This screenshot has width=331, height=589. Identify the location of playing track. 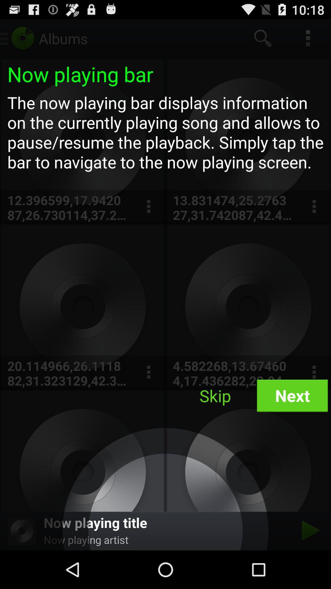
(309, 530).